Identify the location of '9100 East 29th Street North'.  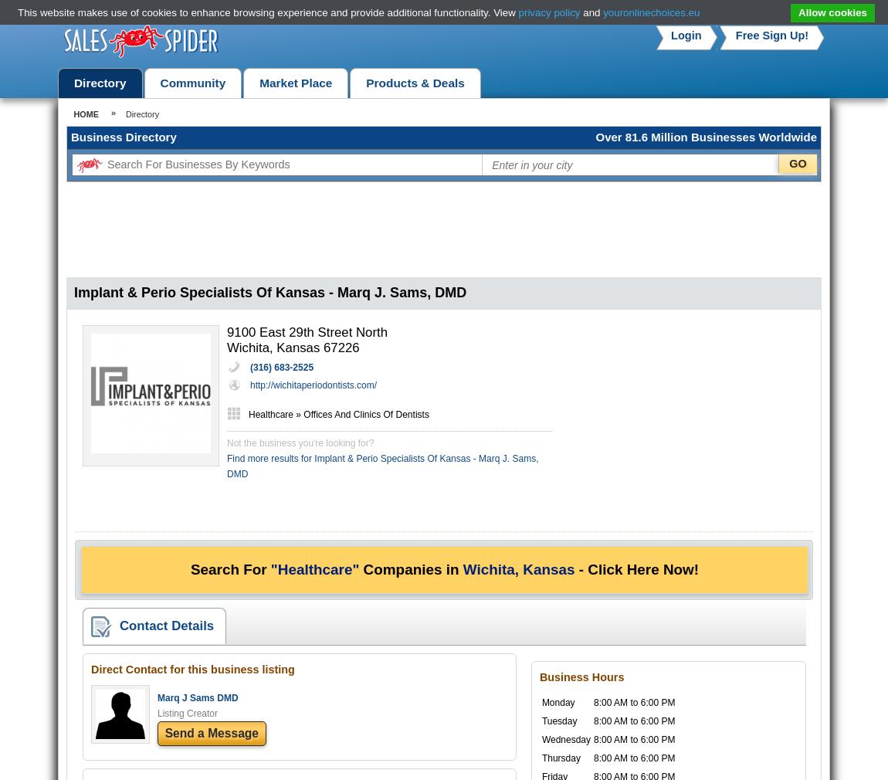
(307, 332).